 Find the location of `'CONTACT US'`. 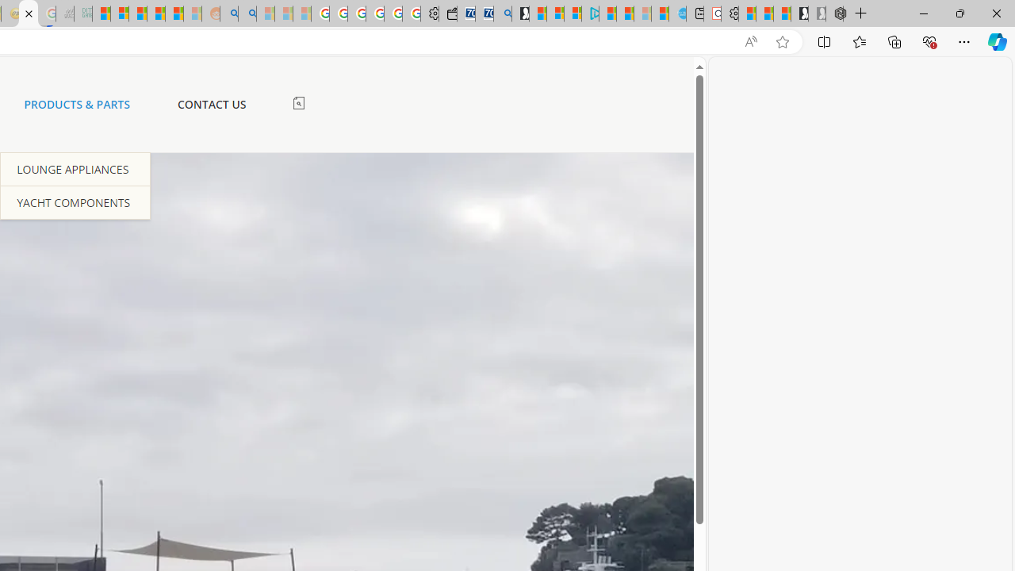

'CONTACT US' is located at coordinates (210, 105).